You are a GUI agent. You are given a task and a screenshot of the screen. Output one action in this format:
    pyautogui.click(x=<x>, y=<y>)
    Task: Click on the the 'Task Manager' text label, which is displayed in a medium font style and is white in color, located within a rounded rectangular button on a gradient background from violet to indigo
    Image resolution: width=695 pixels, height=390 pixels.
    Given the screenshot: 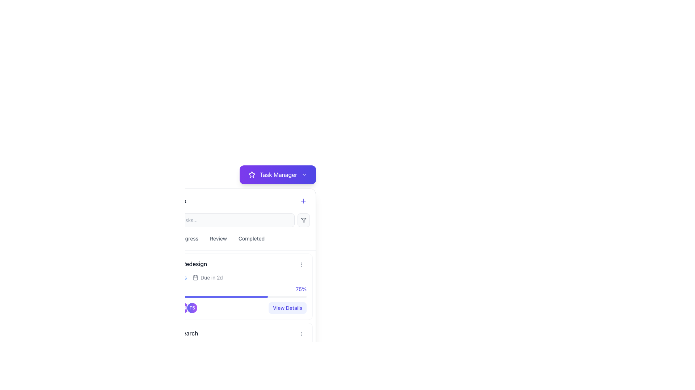 What is the action you would take?
    pyautogui.click(x=278, y=174)
    